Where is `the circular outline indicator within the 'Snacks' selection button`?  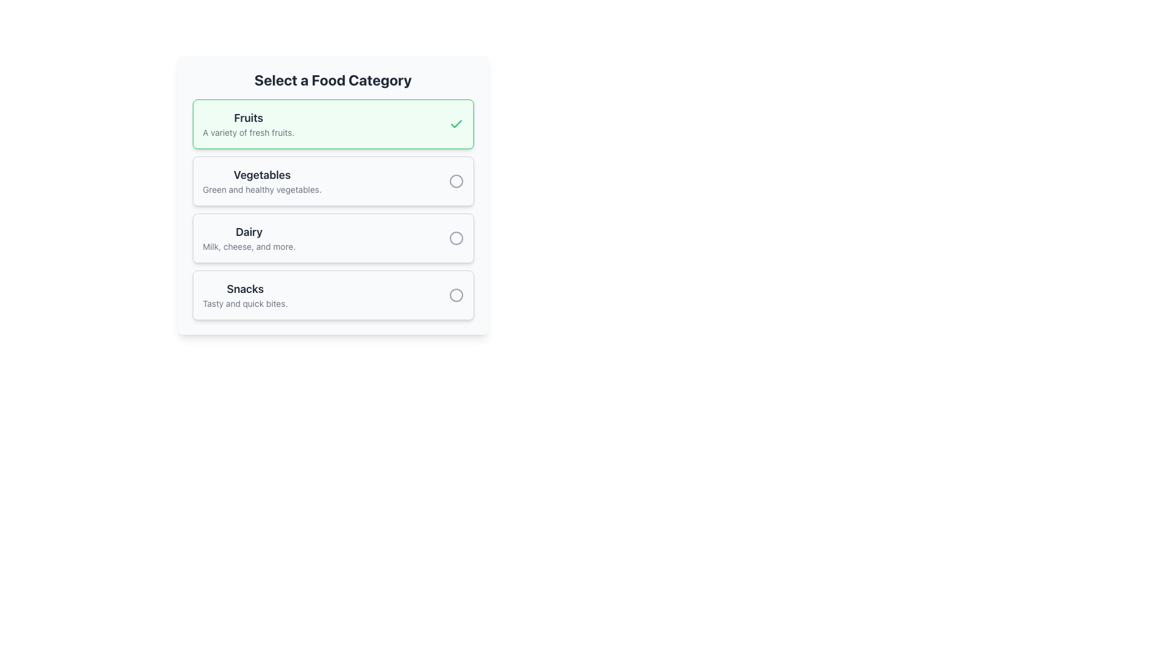 the circular outline indicator within the 'Snacks' selection button is located at coordinates (455, 295).